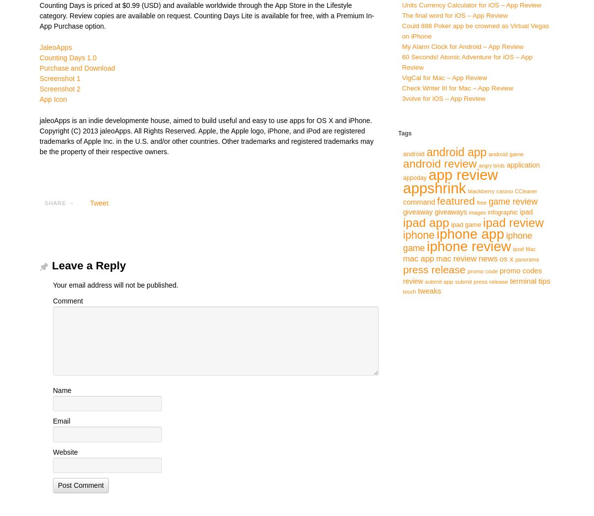 The width and height of the screenshot is (594, 516). Describe the element at coordinates (515, 259) in the screenshot. I see `'panorama'` at that location.